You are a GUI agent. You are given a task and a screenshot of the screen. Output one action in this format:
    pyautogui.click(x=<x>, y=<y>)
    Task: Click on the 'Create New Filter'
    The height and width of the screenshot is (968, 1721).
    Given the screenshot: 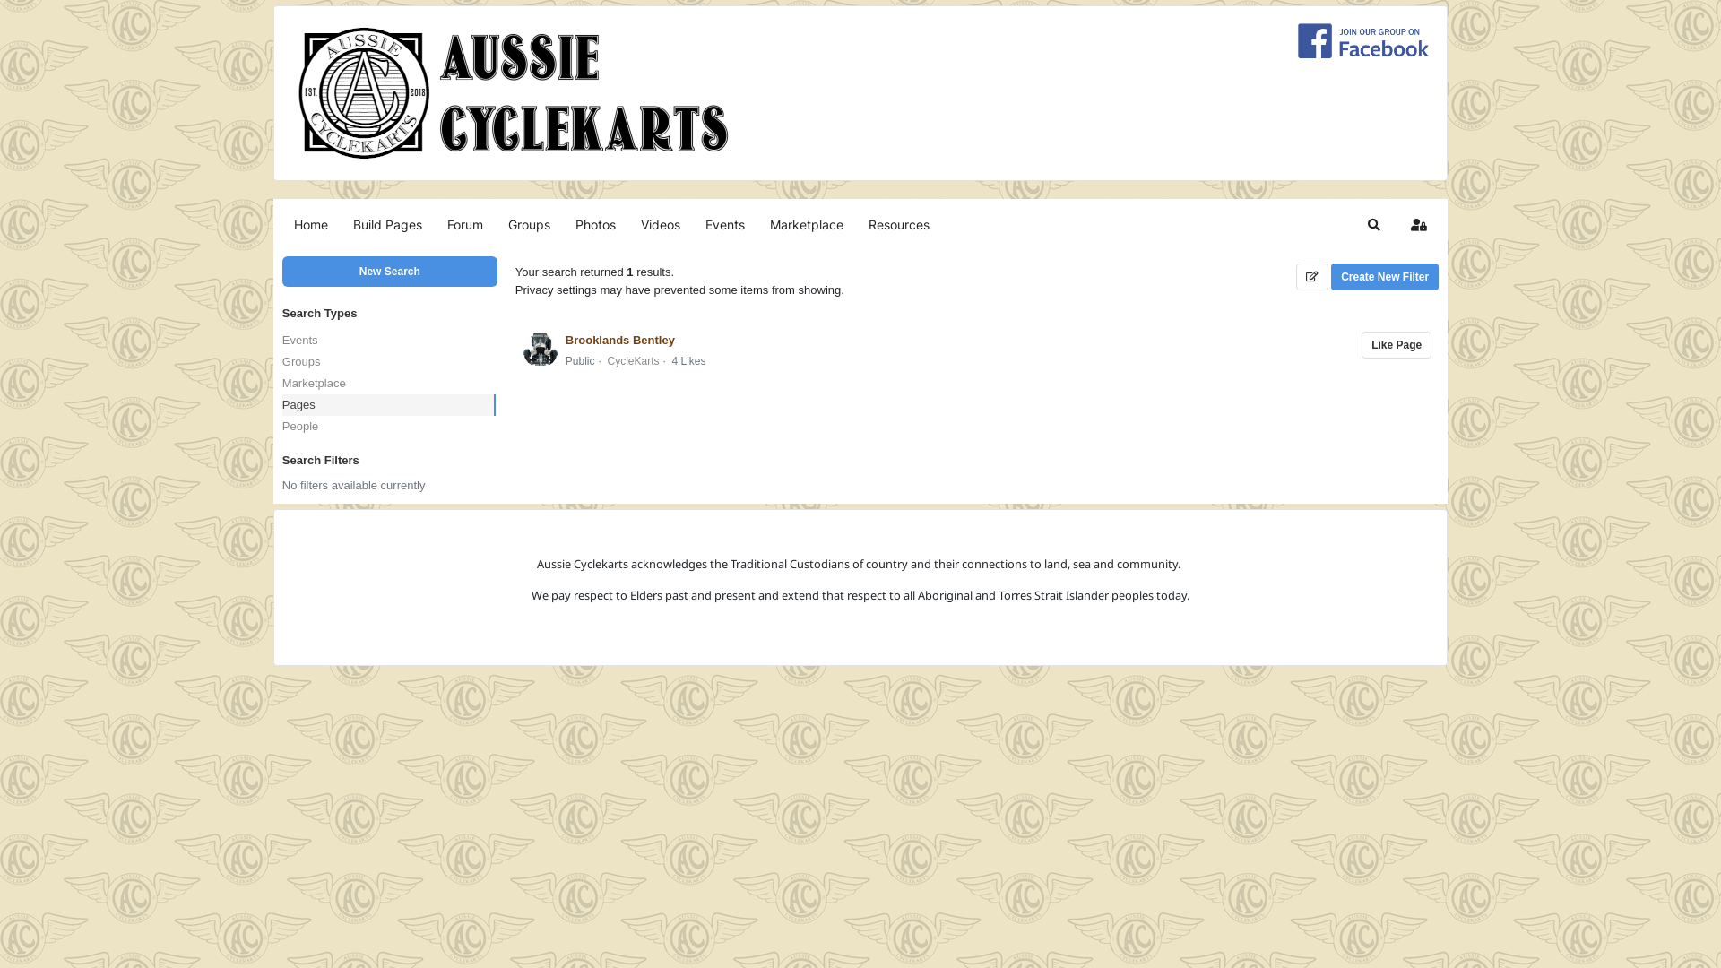 What is the action you would take?
    pyautogui.click(x=1330, y=276)
    